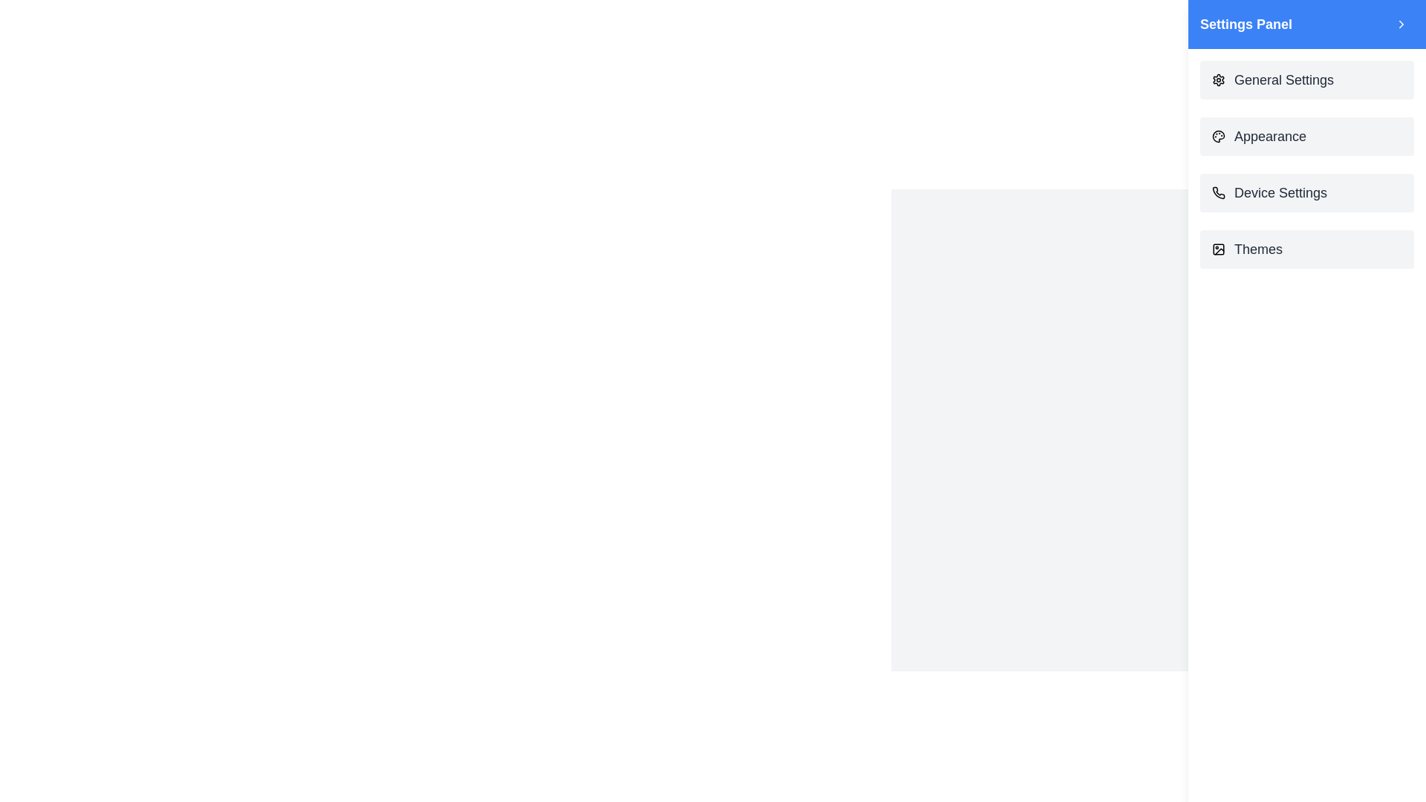 The width and height of the screenshot is (1426, 802). I want to click on the phone-related settings icon located to the left of the 'Device Settings' text in the settings panel, so click(1219, 192).